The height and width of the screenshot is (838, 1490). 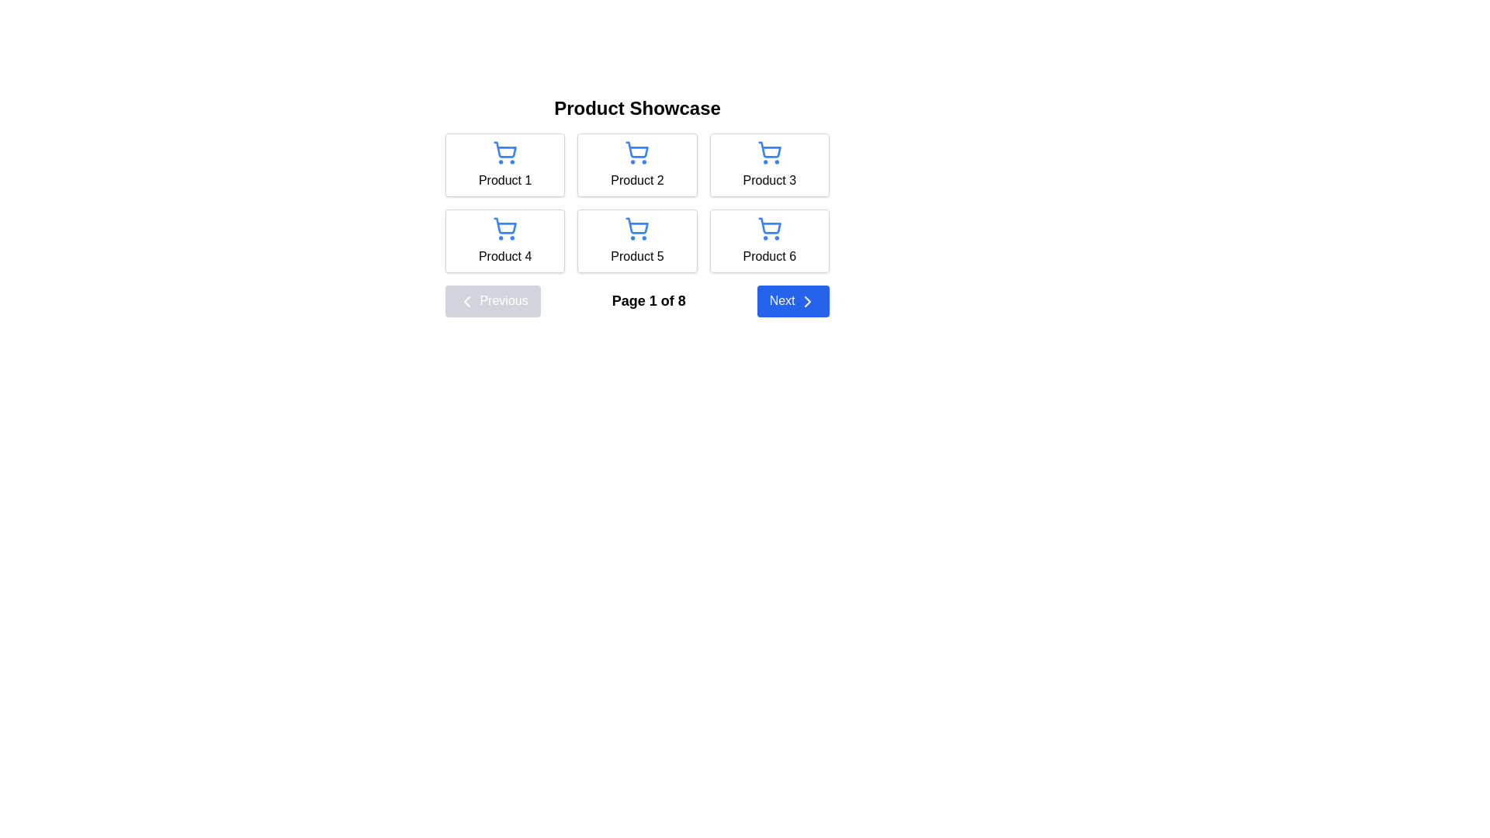 I want to click on the shopping cart icon associated with 'Product 4', located in the second block of the first column, so click(x=505, y=226).